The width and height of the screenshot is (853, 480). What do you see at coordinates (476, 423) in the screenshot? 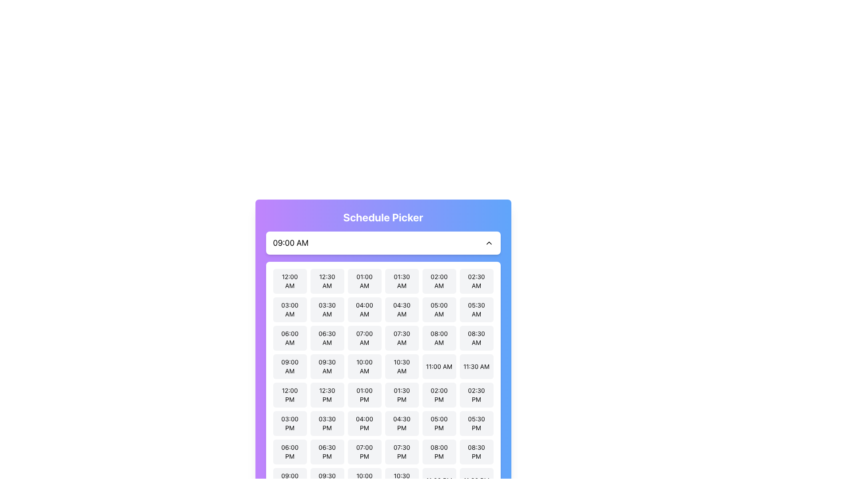
I see `the button representing the selectable time slot '05:30 PM' located in the bottom-right corner of the grid layout, positioned below '05:00 PM' and above '06:00 PM'` at bounding box center [476, 423].